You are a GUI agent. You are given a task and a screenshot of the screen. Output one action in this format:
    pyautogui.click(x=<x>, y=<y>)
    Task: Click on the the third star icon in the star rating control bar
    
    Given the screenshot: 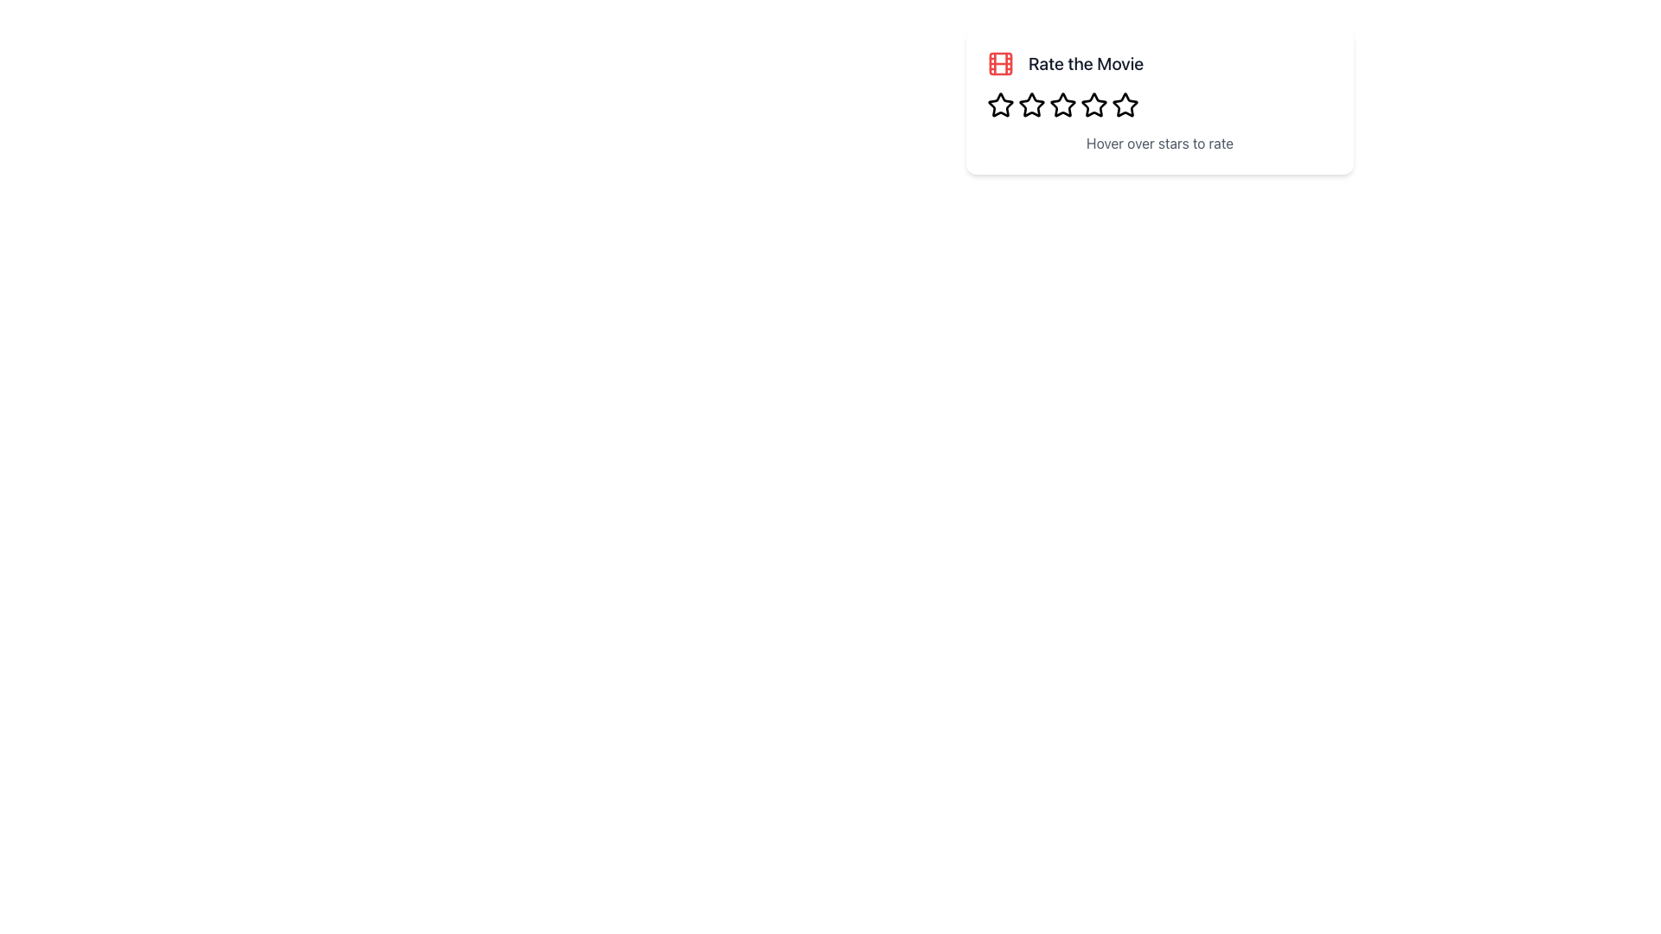 What is the action you would take?
    pyautogui.click(x=1093, y=105)
    